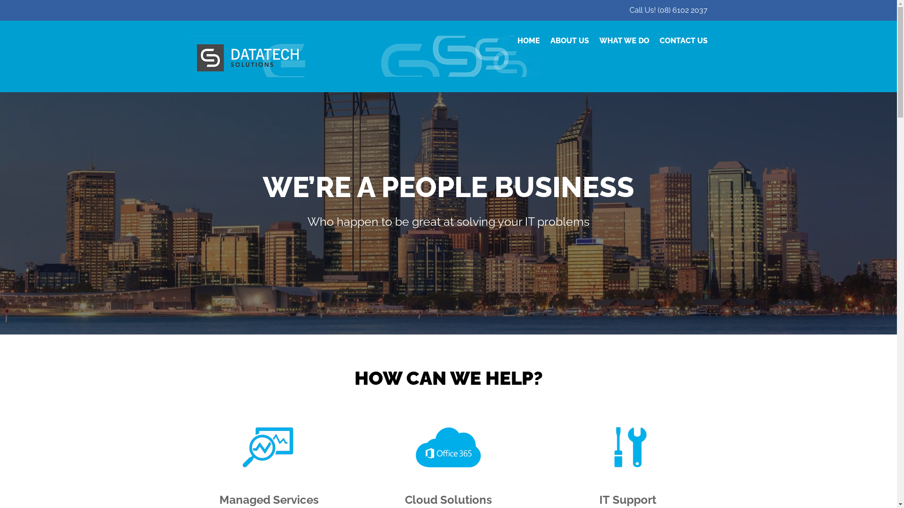 The height and width of the screenshot is (508, 904). I want to click on 'CONTACT US', so click(659, 40).